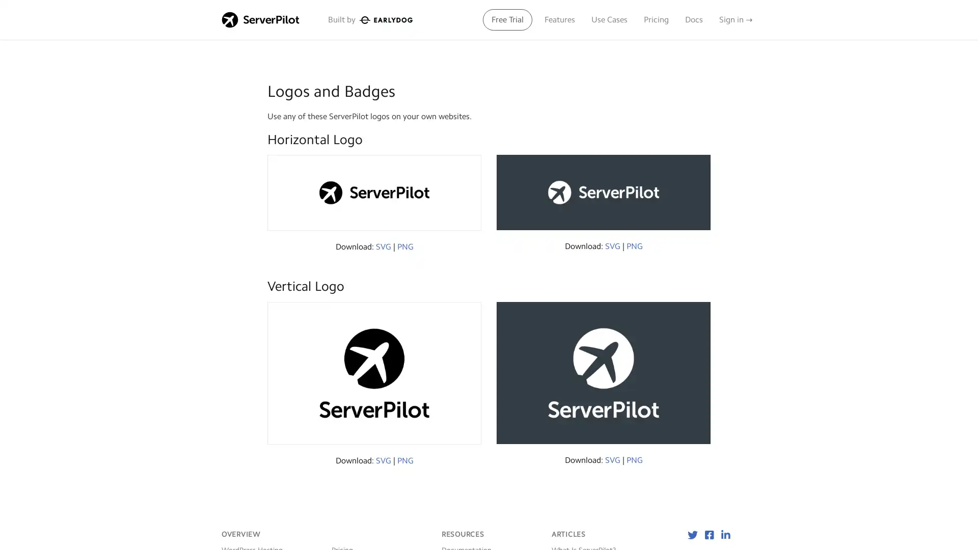  What do you see at coordinates (609, 19) in the screenshot?
I see `Use Cases` at bounding box center [609, 19].